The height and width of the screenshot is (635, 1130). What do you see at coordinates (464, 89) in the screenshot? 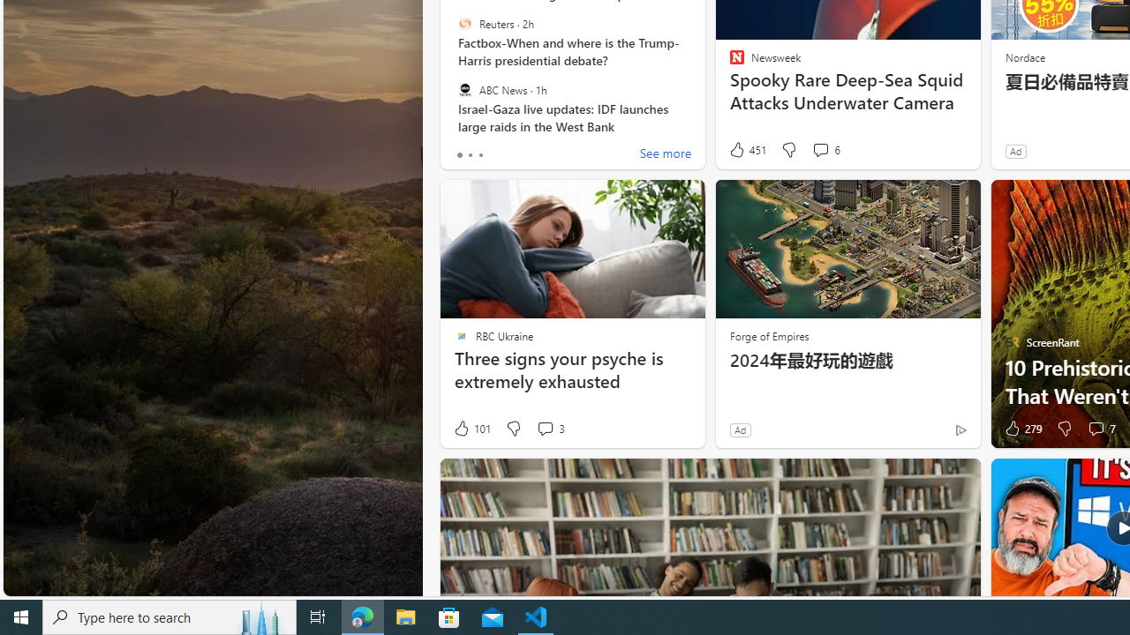
I see `'ABC News'` at bounding box center [464, 89].